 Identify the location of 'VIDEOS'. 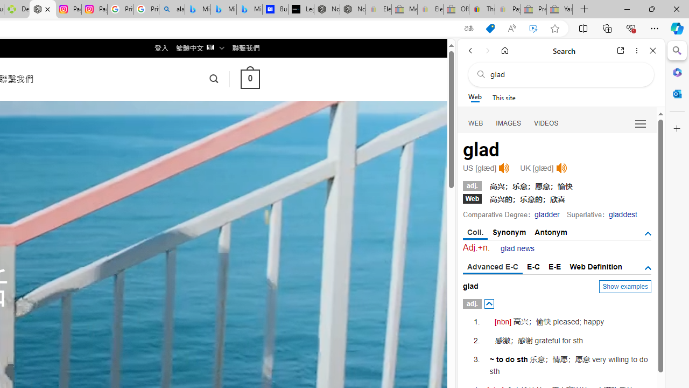
(546, 122).